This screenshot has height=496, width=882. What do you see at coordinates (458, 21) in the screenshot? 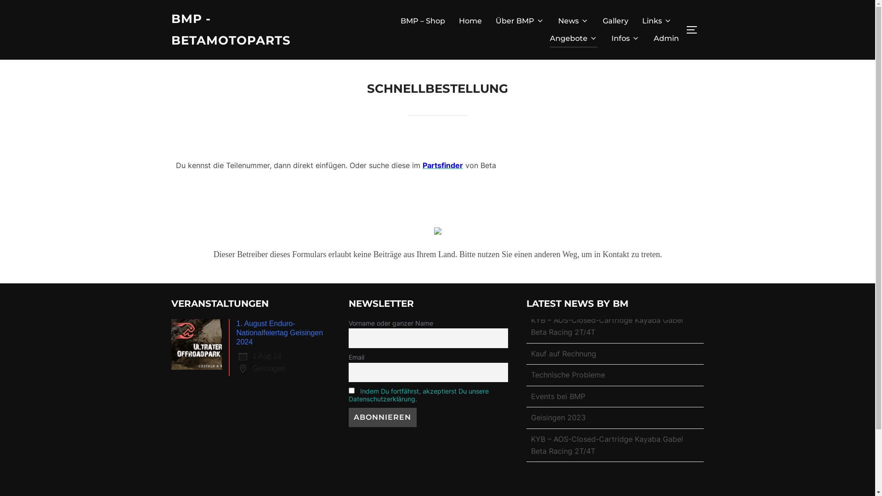
I see `'Home'` at bounding box center [458, 21].